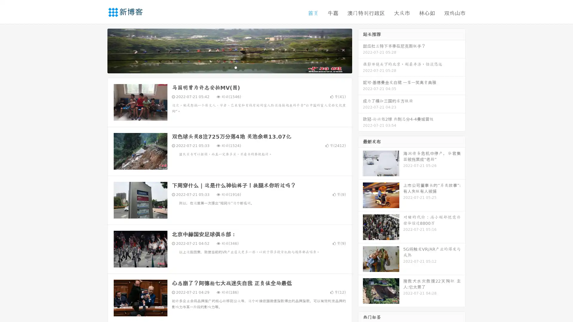  What do you see at coordinates (229, 67) in the screenshot?
I see `Go to slide 2` at bounding box center [229, 67].